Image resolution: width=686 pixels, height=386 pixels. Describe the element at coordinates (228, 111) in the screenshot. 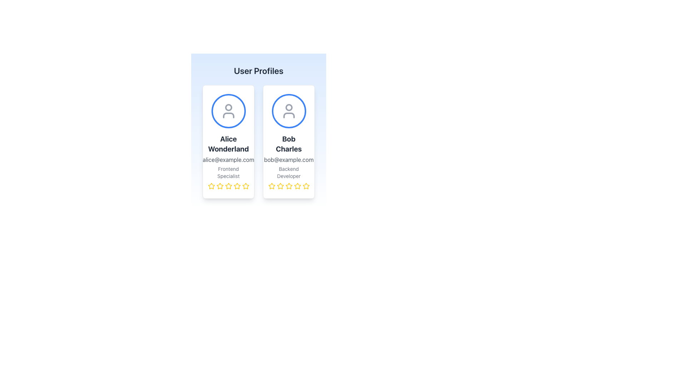

I see `the Avatar representing 'Alice Wonderland'` at that location.